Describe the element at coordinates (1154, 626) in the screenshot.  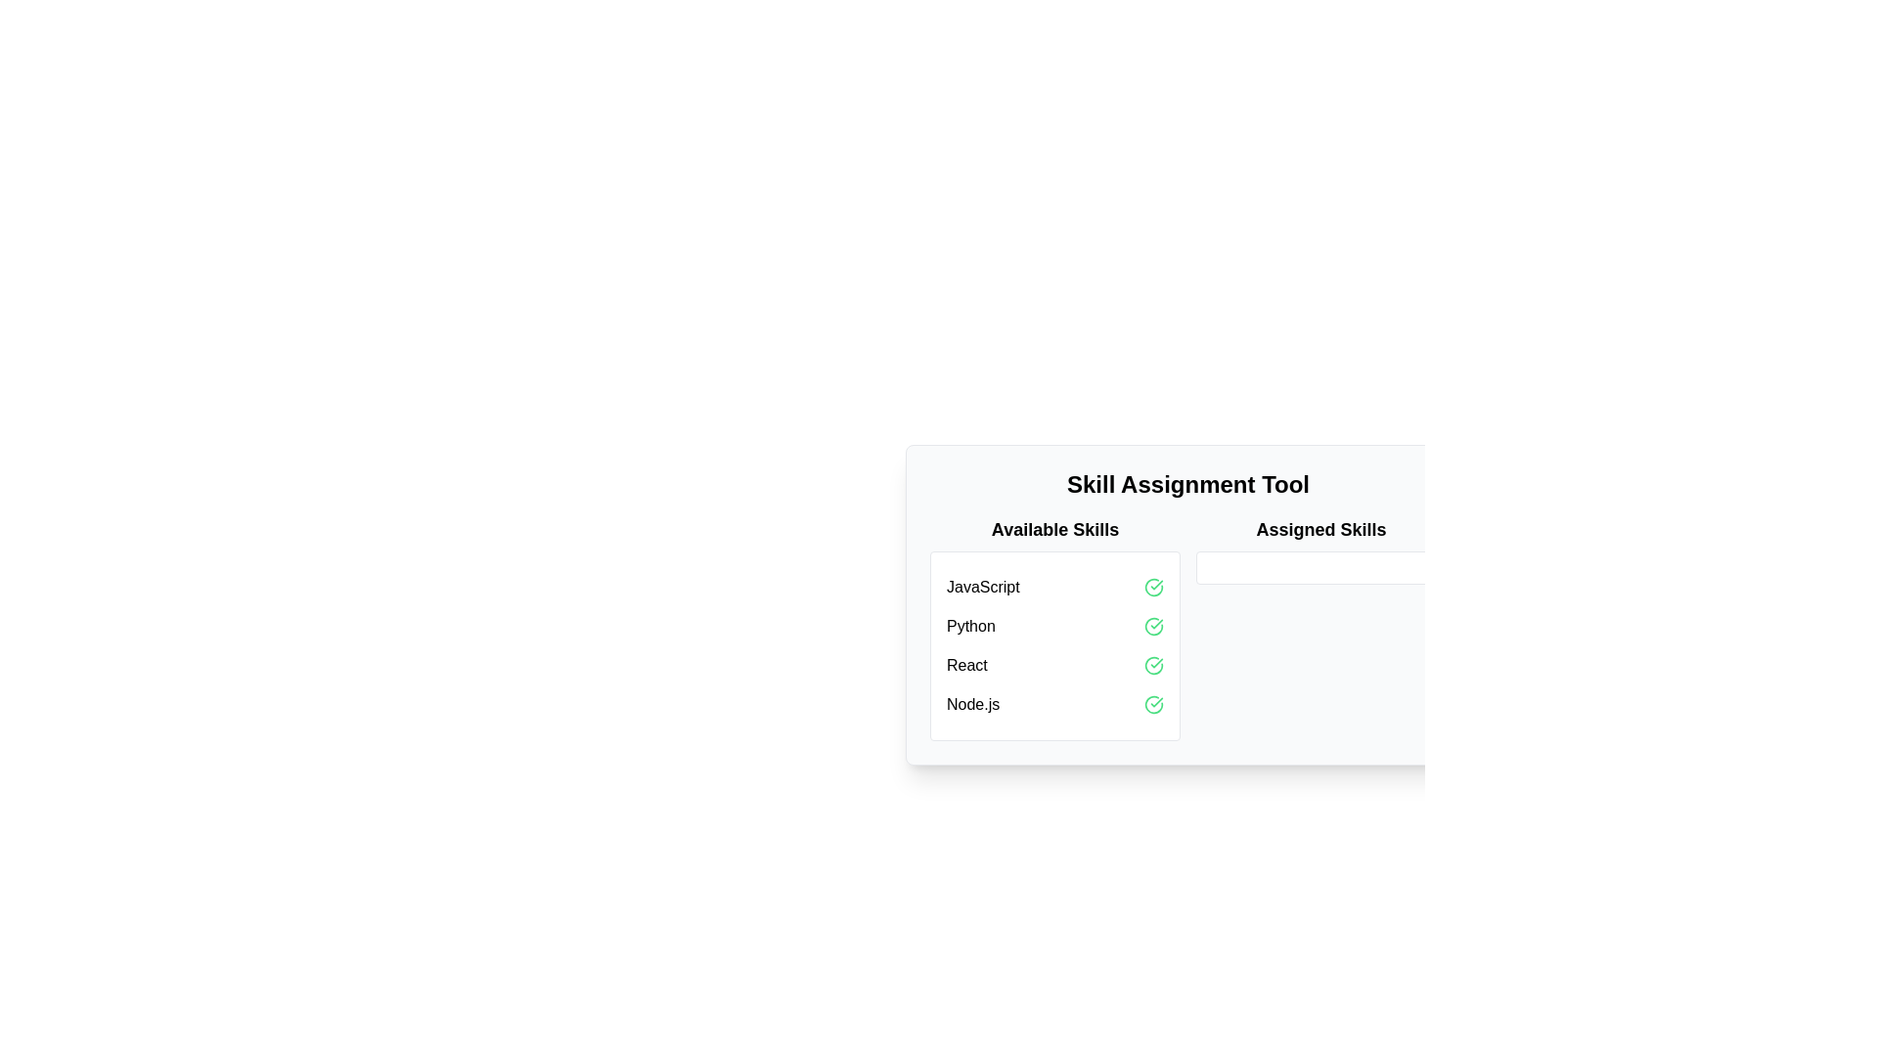
I see `the visual change associated with the SVG icon representation of the status indicator for the 'Python' skill, located to the right of the text label 'Python' under the 'Available Skills' section` at that location.